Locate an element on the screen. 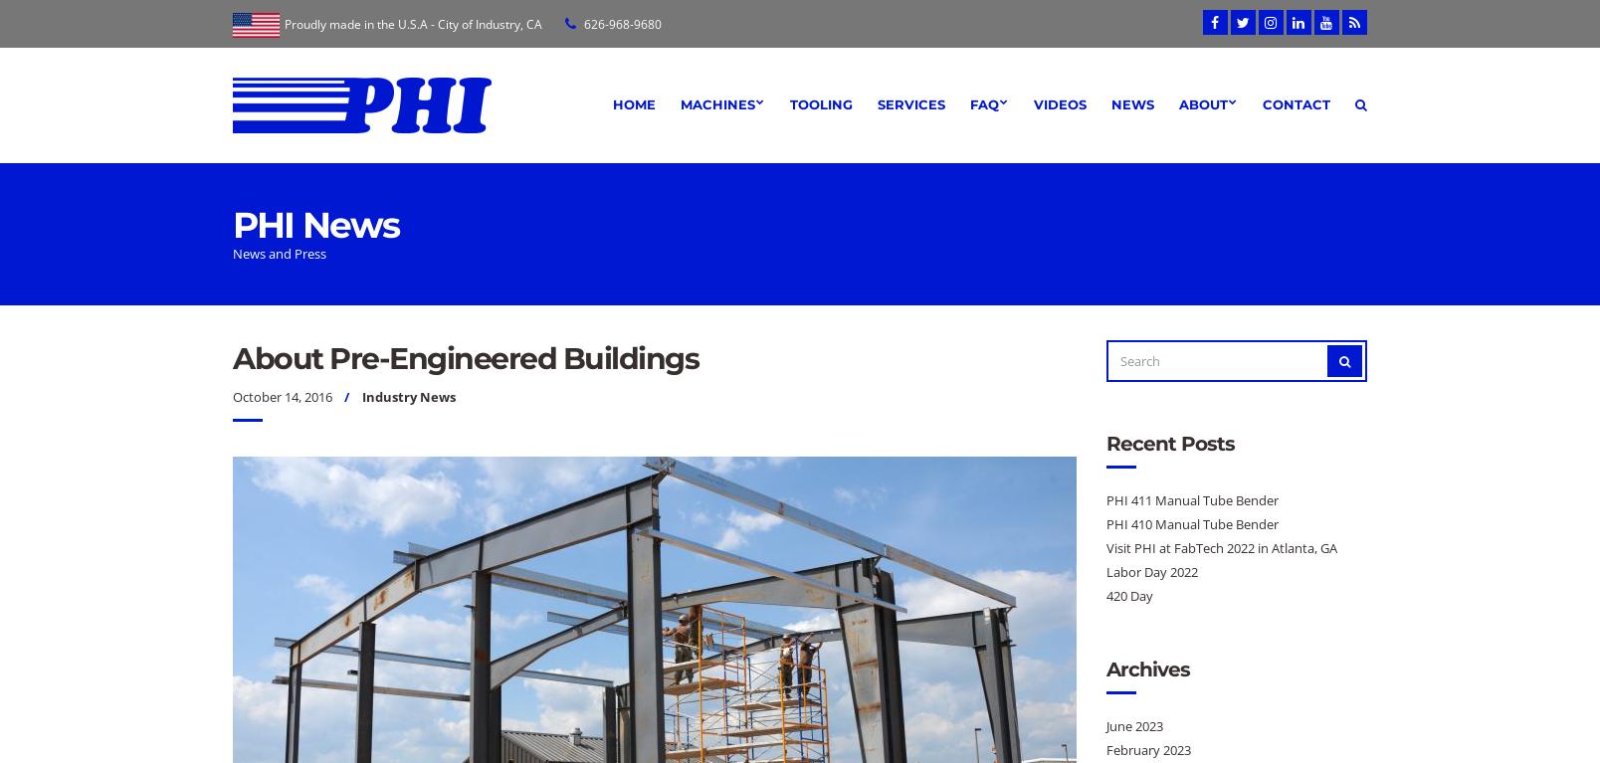 The height and width of the screenshot is (763, 1600). 'Labor Day 2022' is located at coordinates (1150, 570).